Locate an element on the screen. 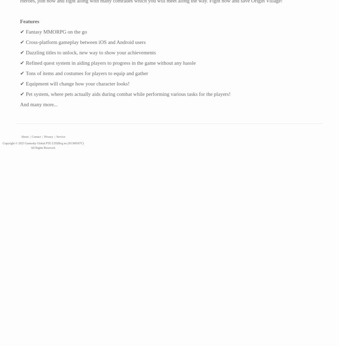 The height and width of the screenshot is (346, 339). 'Privacy' is located at coordinates (44, 136).